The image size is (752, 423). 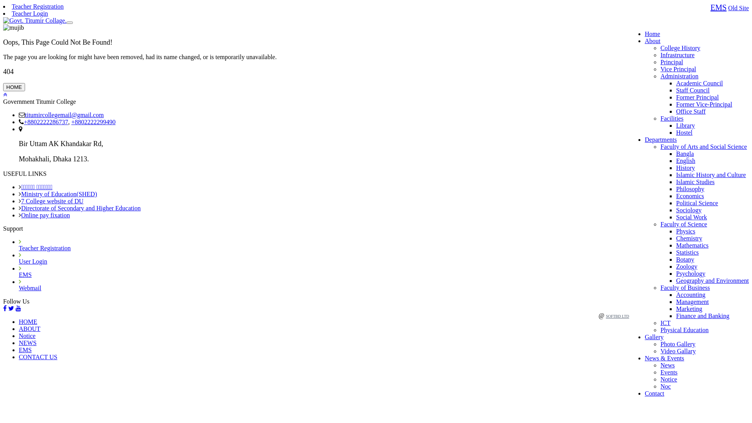 I want to click on 'Statistics', so click(x=687, y=252).